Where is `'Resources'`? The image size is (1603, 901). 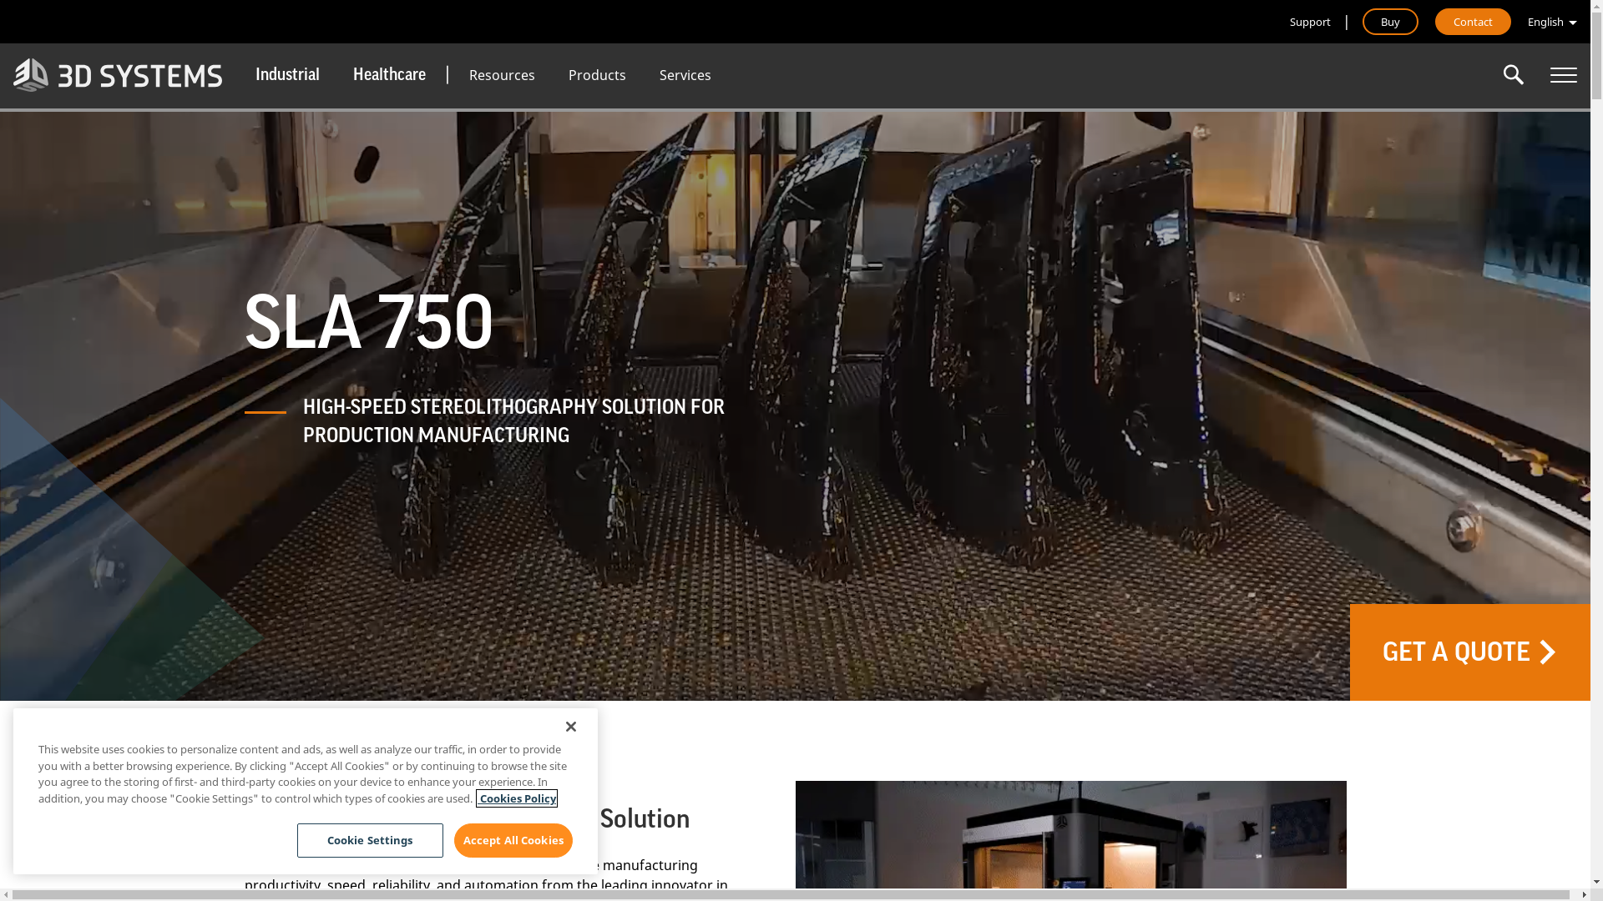
'Resources' is located at coordinates (501, 73).